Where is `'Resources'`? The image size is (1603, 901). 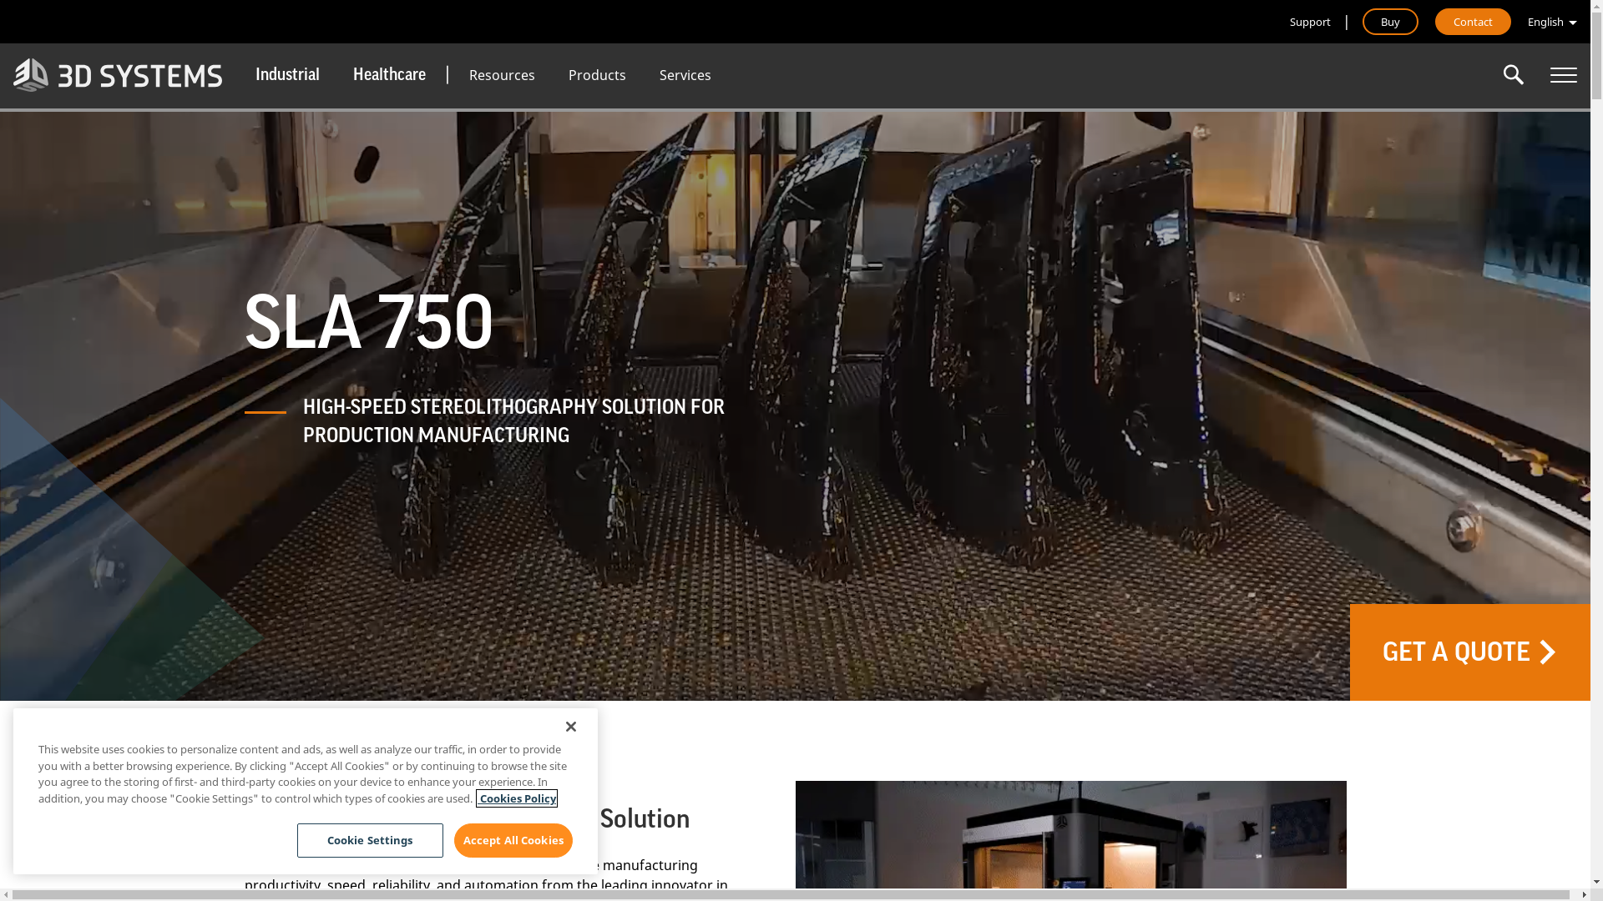
'Resources' is located at coordinates (501, 73).